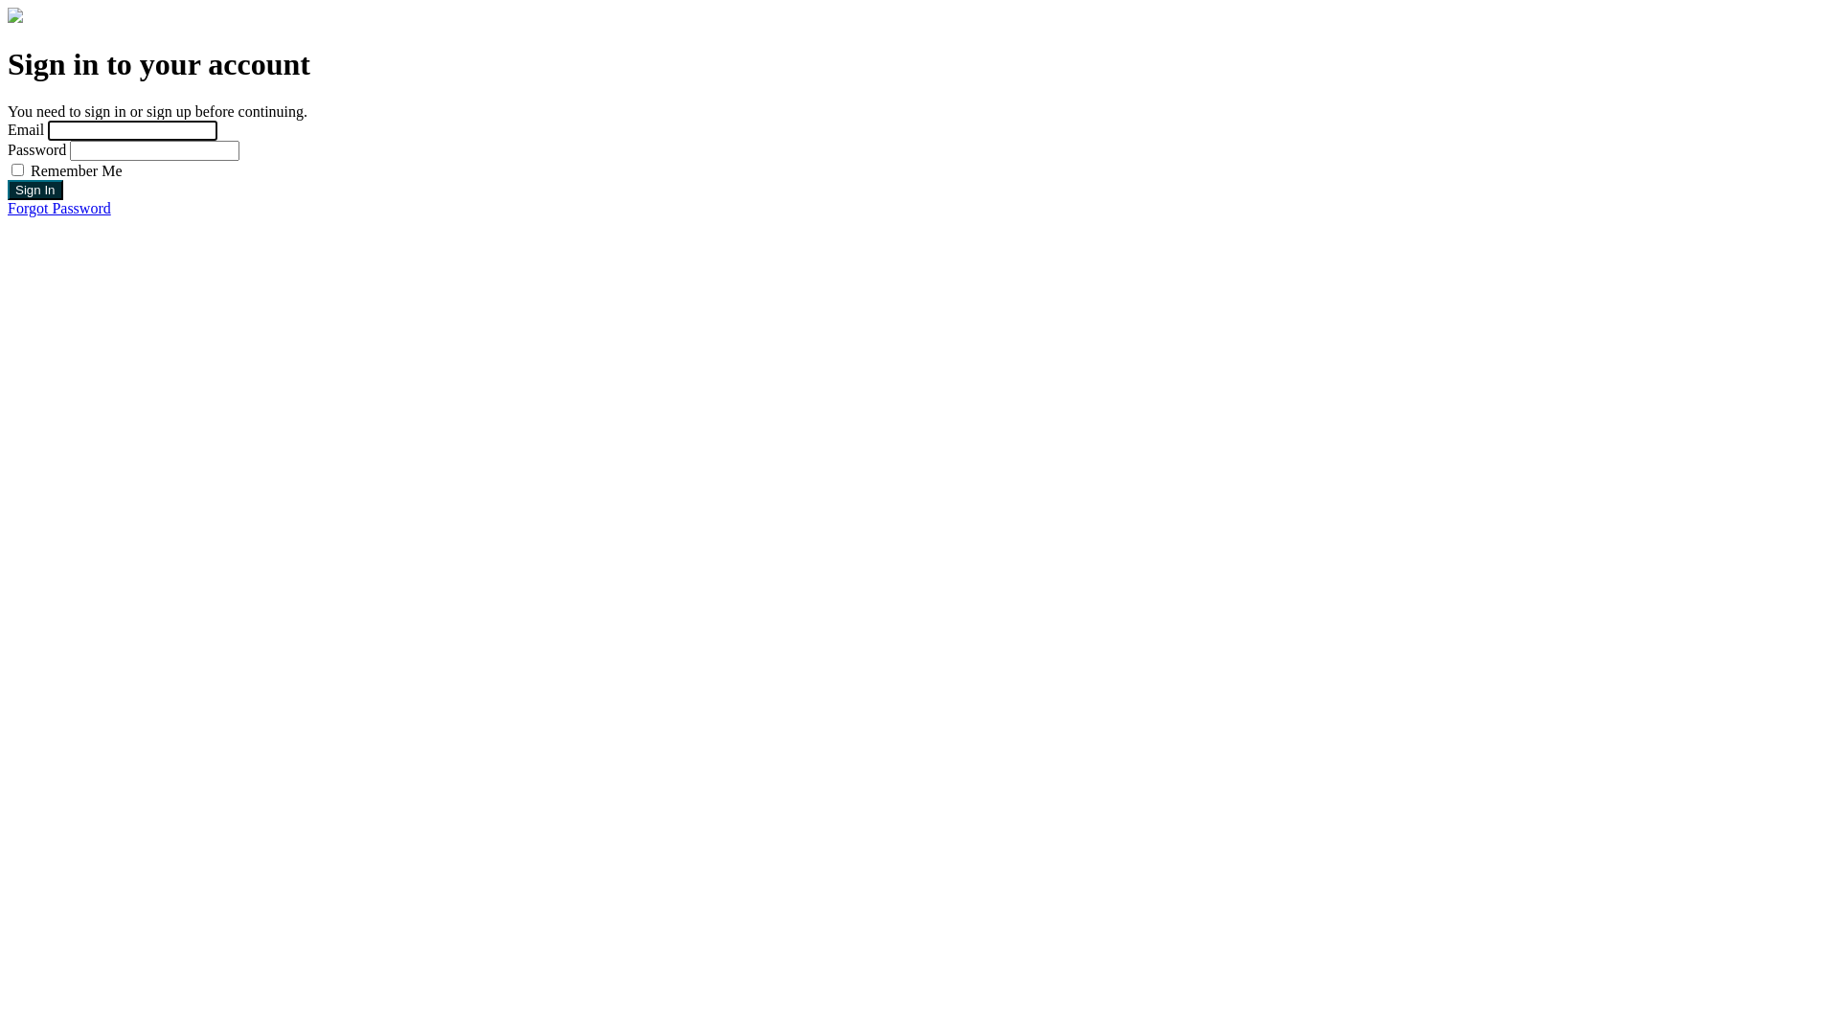 The height and width of the screenshot is (1034, 1839). I want to click on 'Sign In', so click(35, 190).